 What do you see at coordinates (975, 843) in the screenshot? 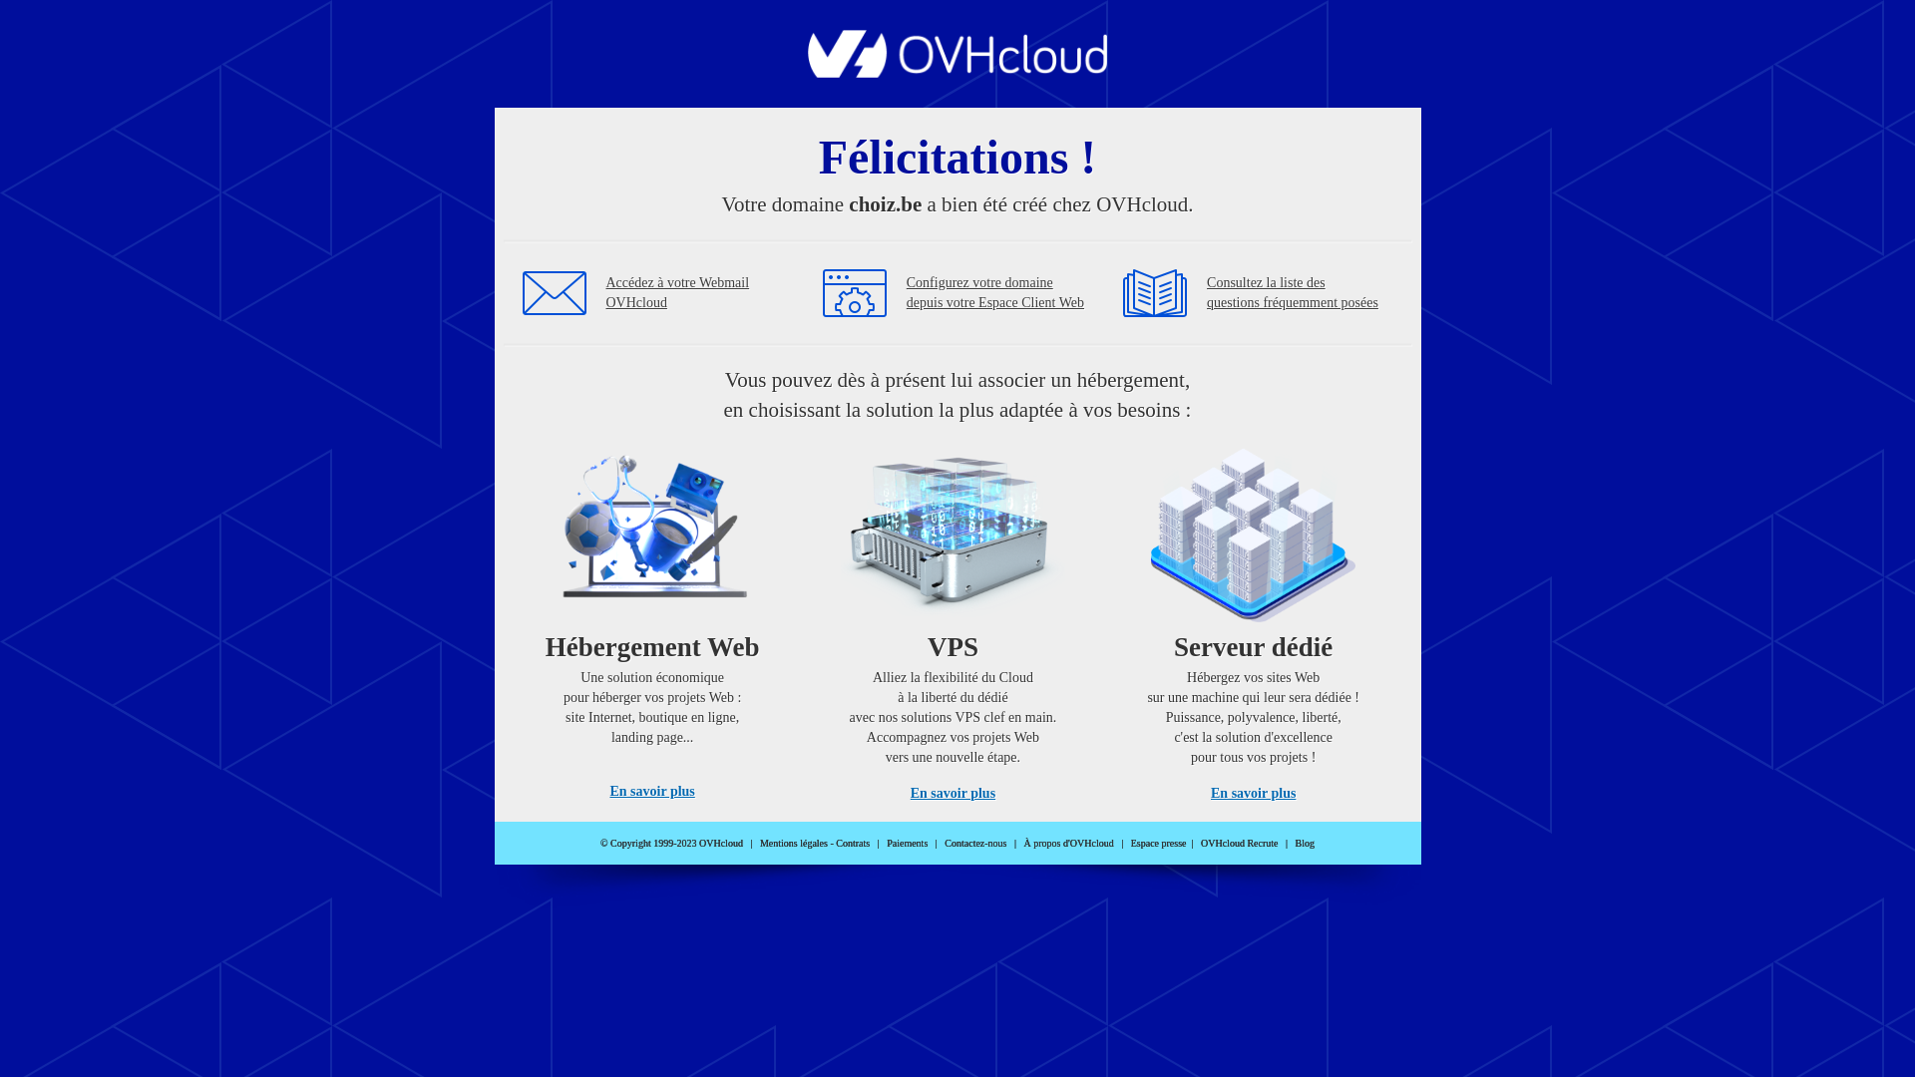
I see `'Contactez-nous'` at bounding box center [975, 843].